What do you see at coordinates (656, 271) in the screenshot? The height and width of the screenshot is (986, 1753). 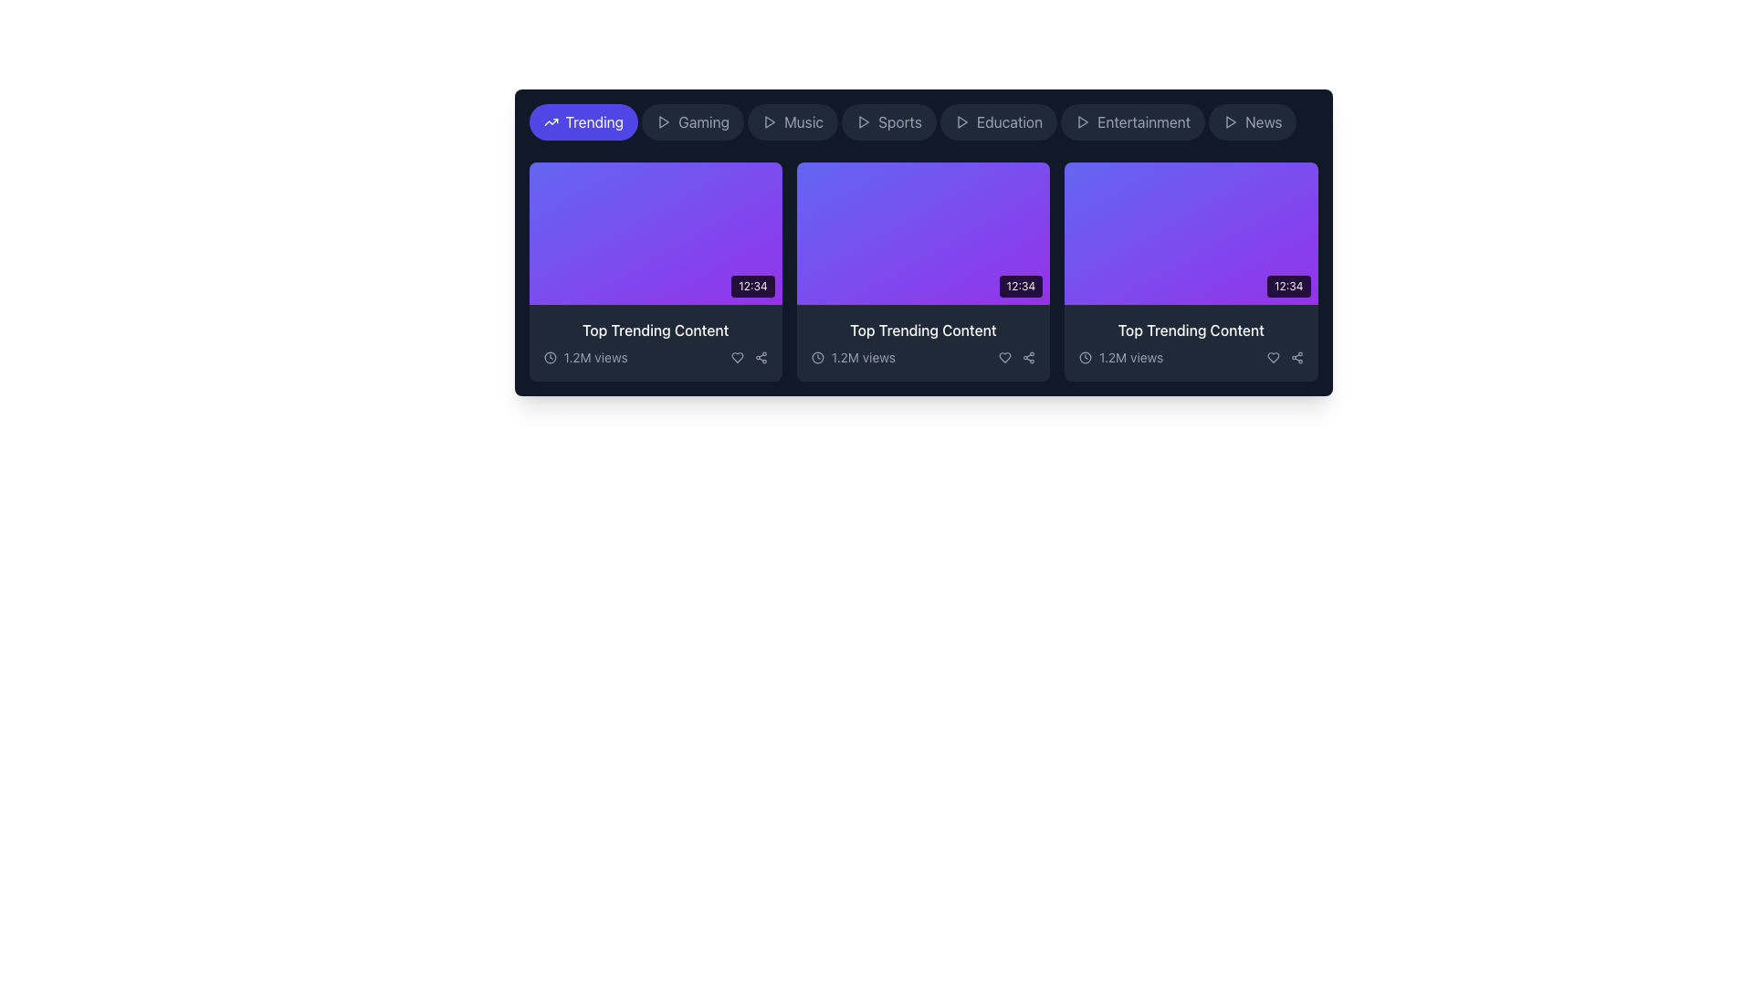 I see `the first Content card in the grid layout` at bounding box center [656, 271].